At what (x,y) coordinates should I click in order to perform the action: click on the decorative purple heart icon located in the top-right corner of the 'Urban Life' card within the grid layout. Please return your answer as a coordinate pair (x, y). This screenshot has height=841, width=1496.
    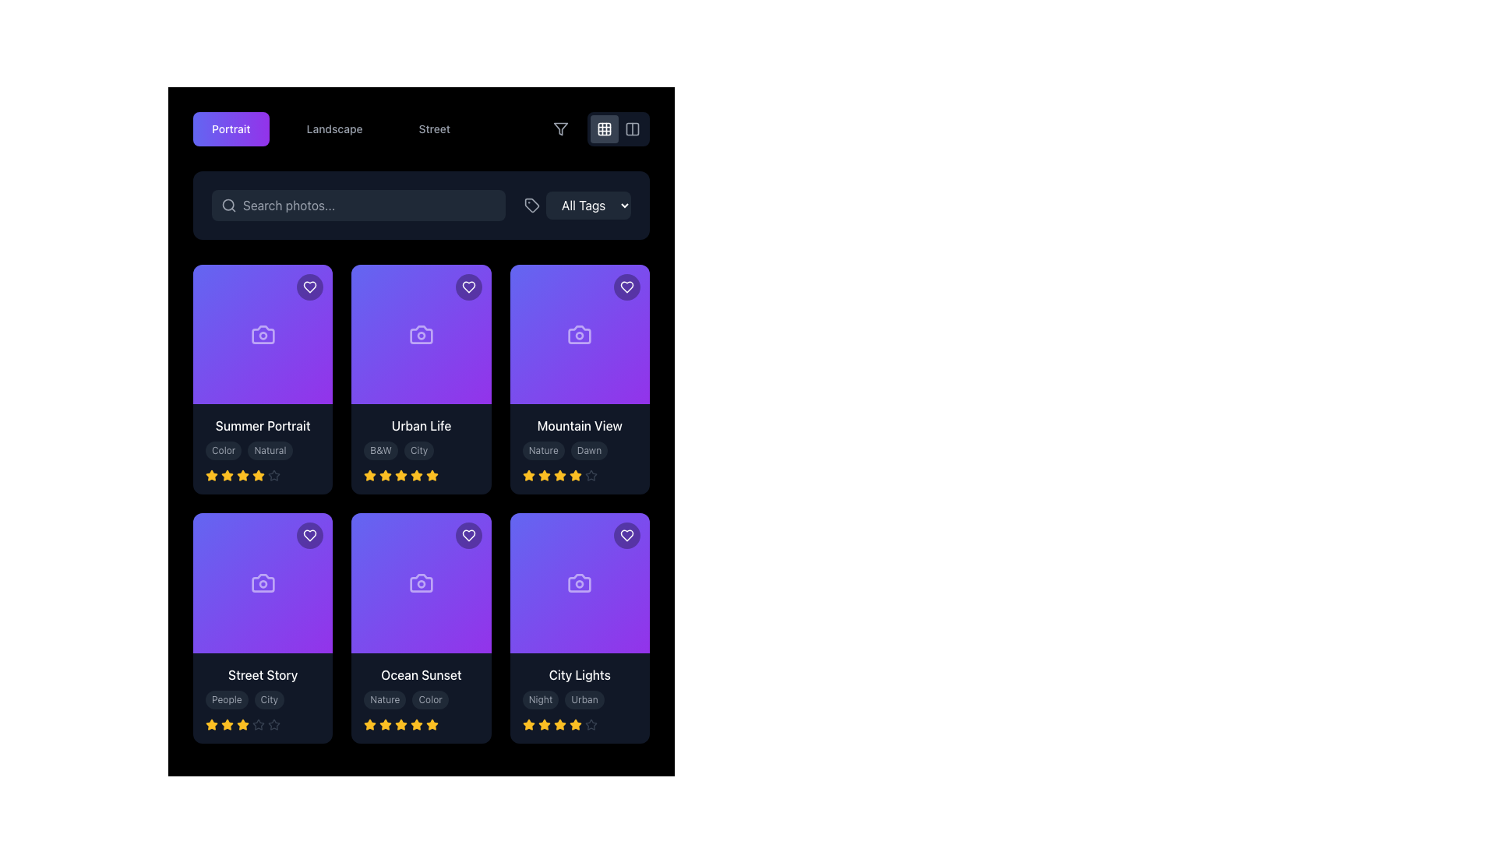
    Looking at the image, I should click on (467, 287).